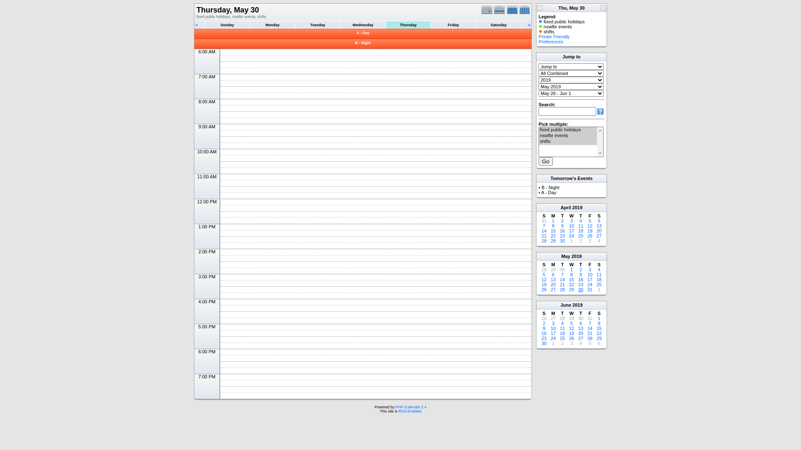  What do you see at coordinates (598, 241) in the screenshot?
I see `'4'` at bounding box center [598, 241].